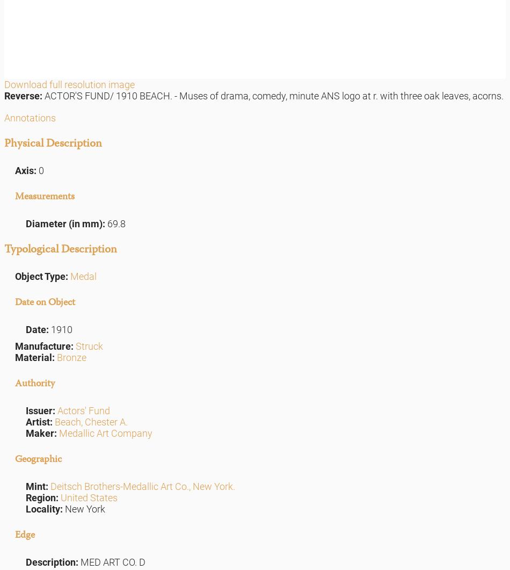 The image size is (510, 570). Describe the element at coordinates (25, 485) in the screenshot. I see `'Mint:'` at that location.